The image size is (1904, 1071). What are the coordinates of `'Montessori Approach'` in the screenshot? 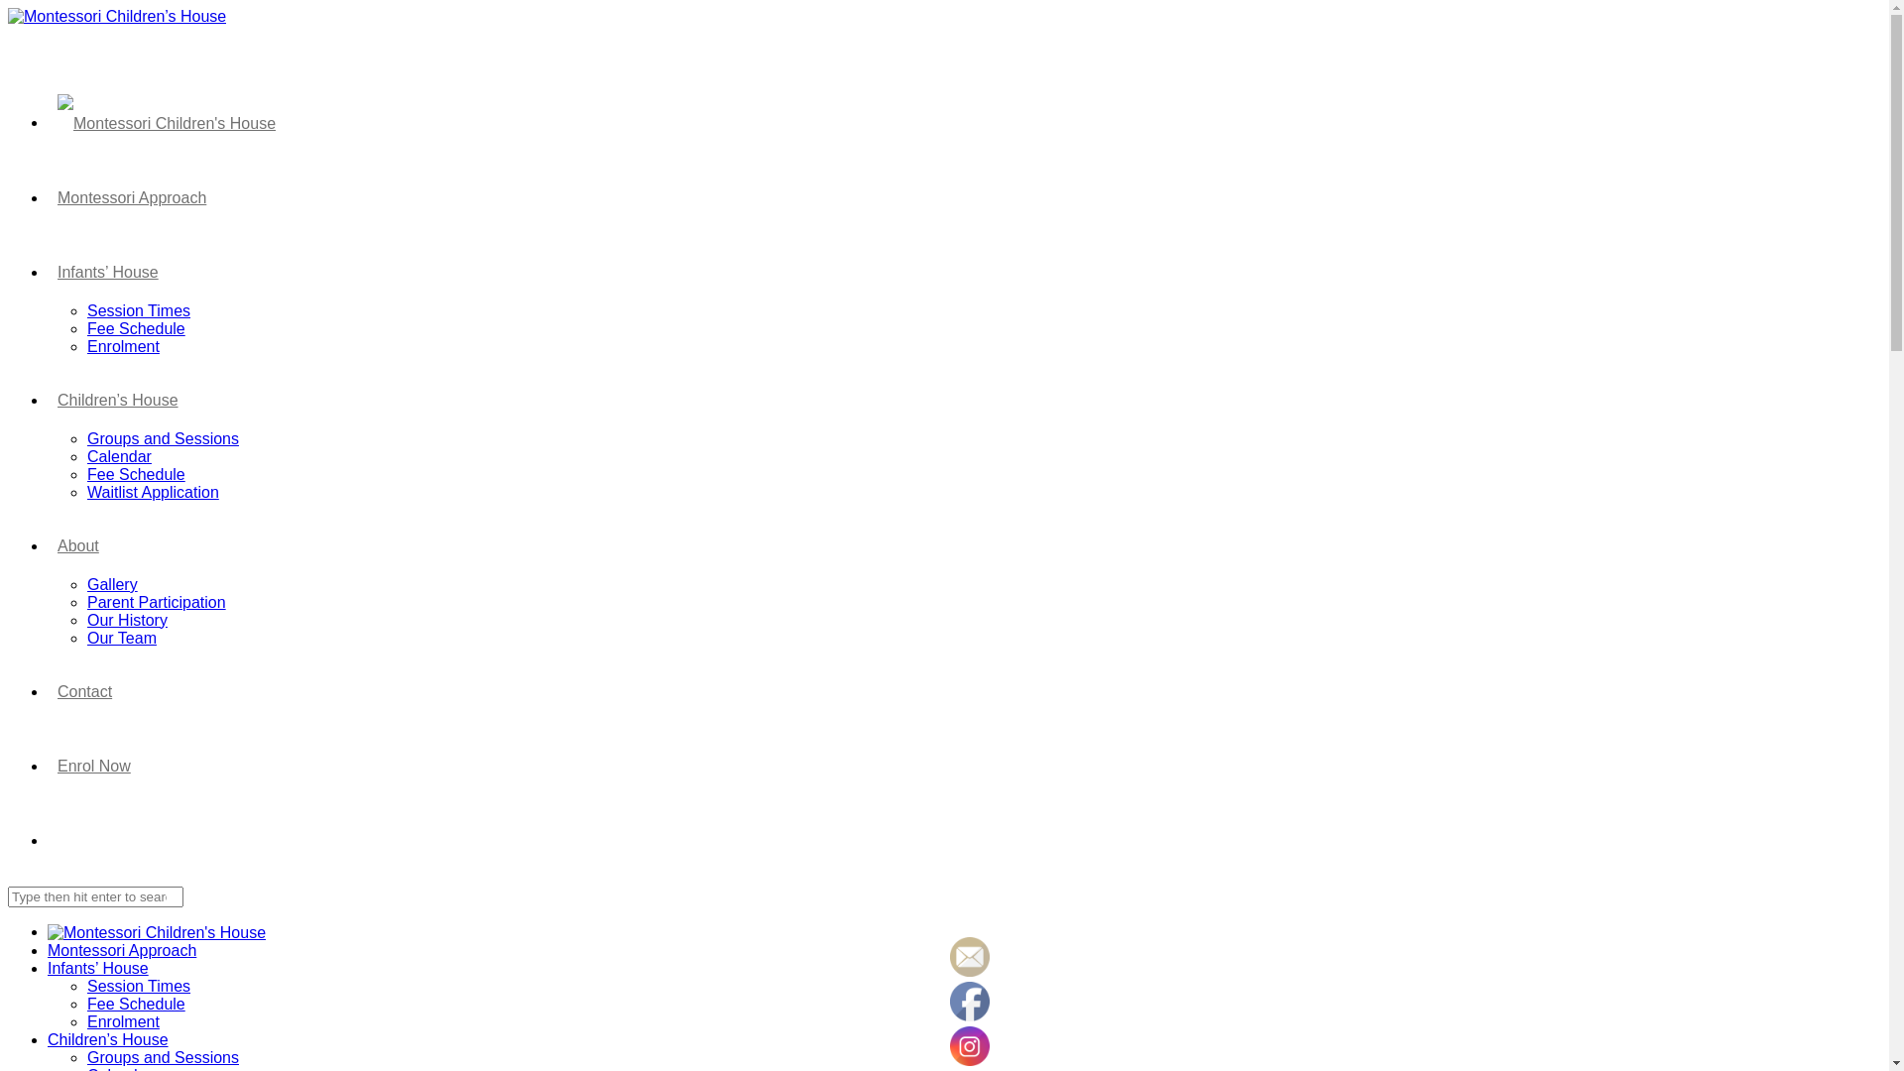 It's located at (121, 949).